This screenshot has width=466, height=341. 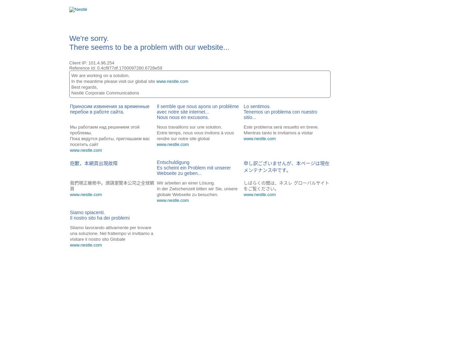 I want to click on 'Nous travaillons sur une solution.', so click(x=189, y=127).